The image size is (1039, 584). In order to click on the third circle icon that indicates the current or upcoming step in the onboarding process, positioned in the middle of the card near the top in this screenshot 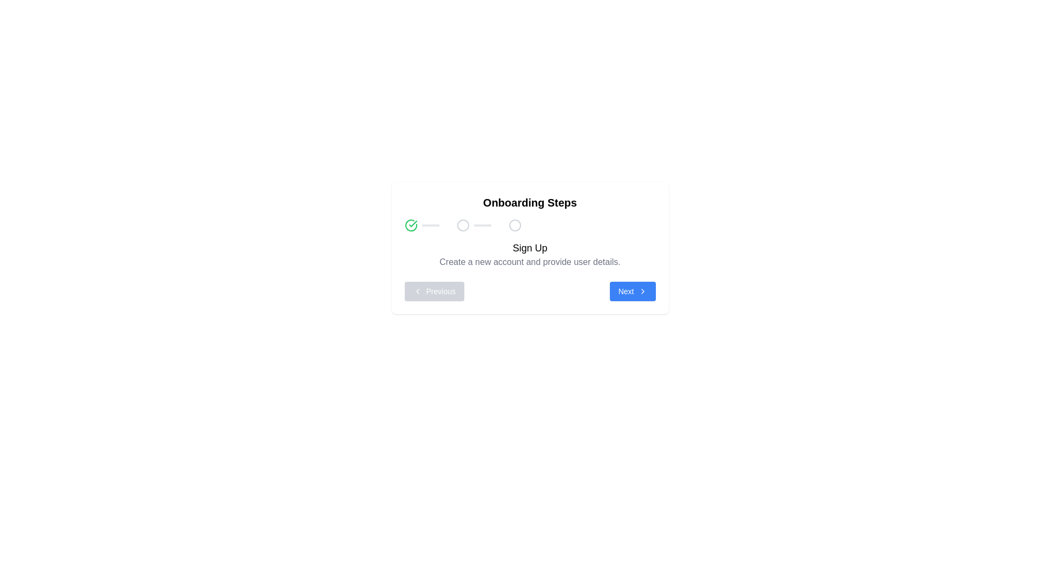, I will do `click(514, 224)`.